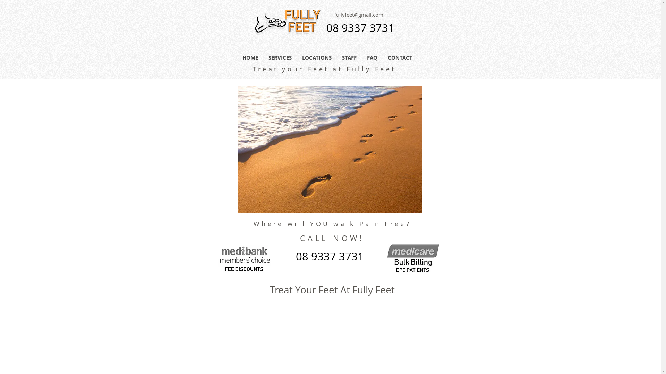 This screenshot has height=374, width=666. What do you see at coordinates (280, 57) in the screenshot?
I see `'SERVICES'` at bounding box center [280, 57].